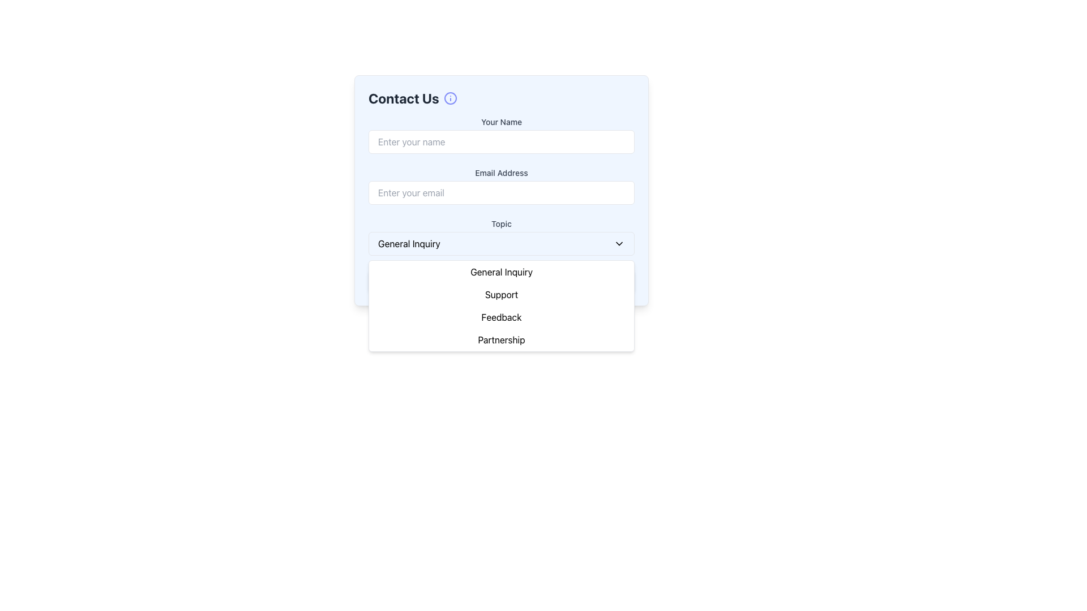 This screenshot has height=611, width=1087. What do you see at coordinates (501, 173) in the screenshot?
I see `the label that indicates the email address, which is displayed in a medium-sized serif font and grayish color, positioned above the email input field` at bounding box center [501, 173].